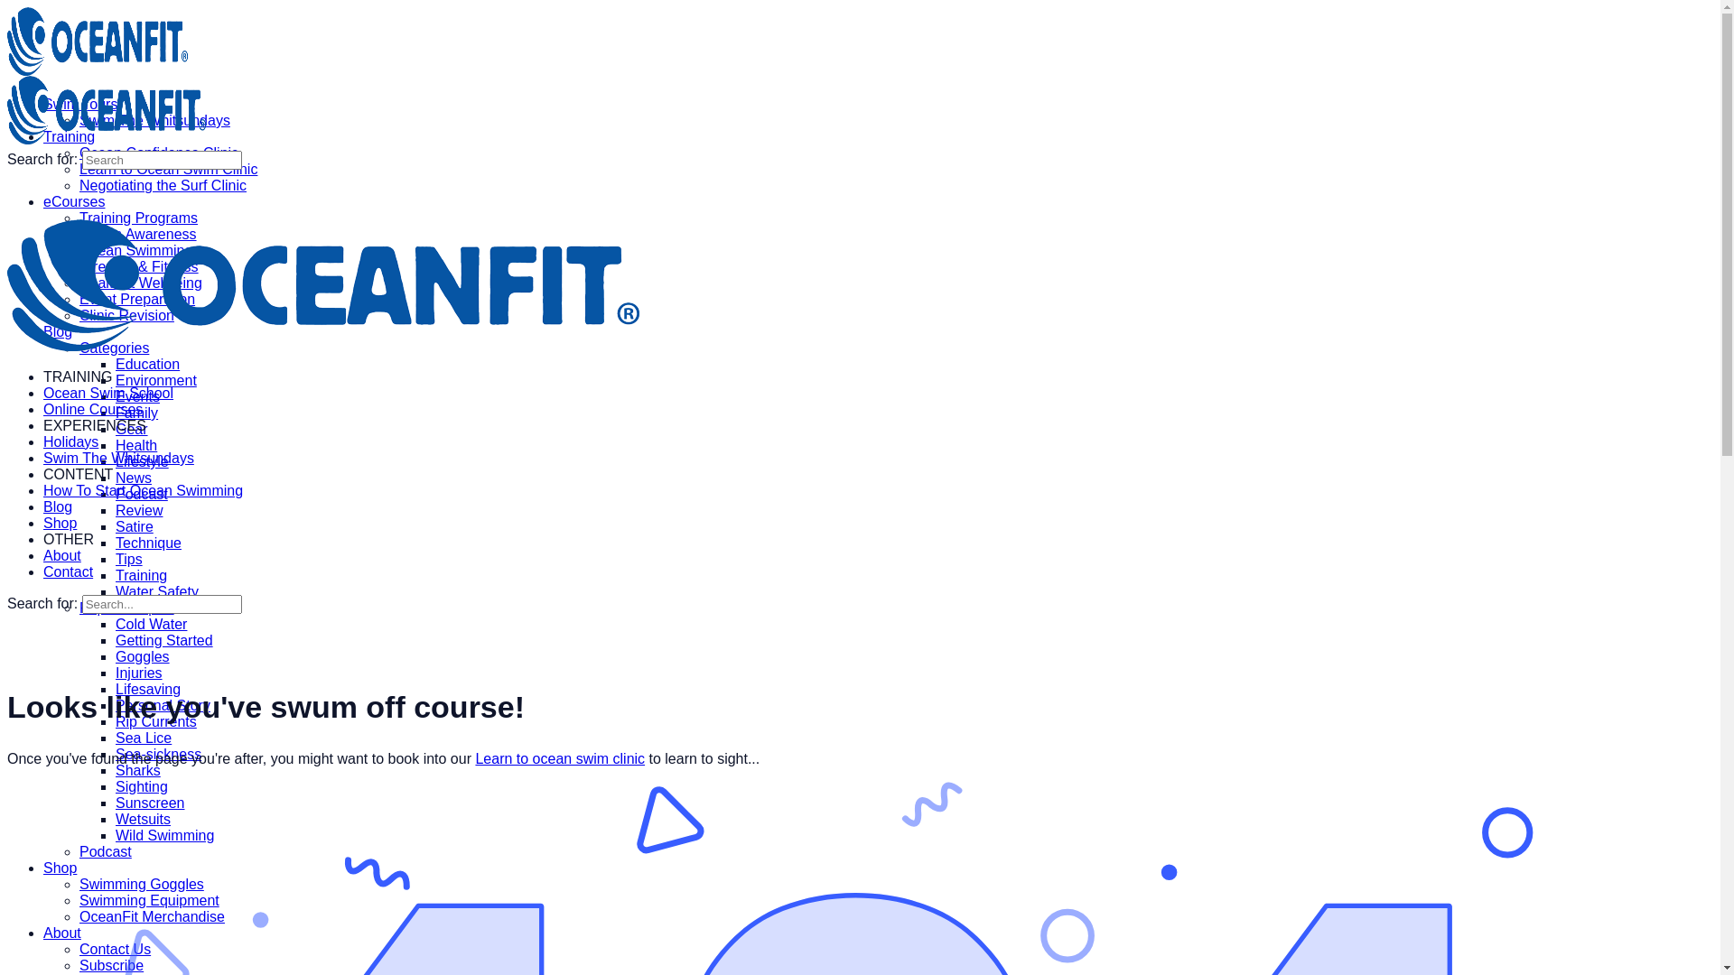 This screenshot has width=1734, height=975. What do you see at coordinates (141, 883) in the screenshot?
I see `'Swimming Goggles'` at bounding box center [141, 883].